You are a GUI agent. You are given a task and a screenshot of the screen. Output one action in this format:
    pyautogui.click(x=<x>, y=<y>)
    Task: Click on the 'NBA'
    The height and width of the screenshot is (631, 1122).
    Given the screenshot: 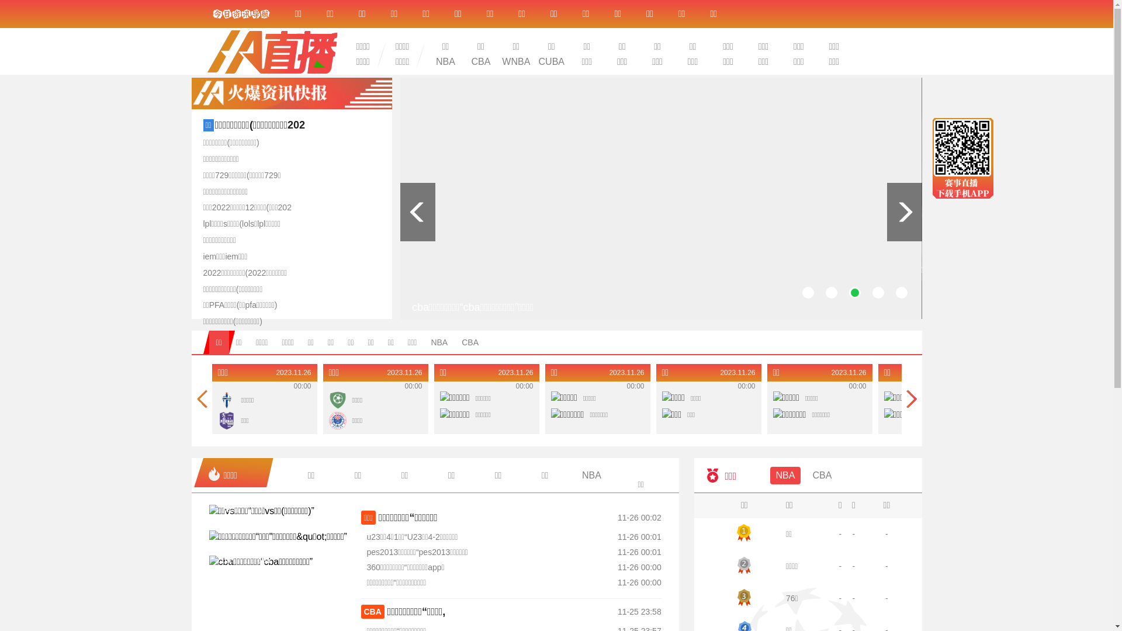 What is the action you would take?
    pyautogui.click(x=445, y=61)
    